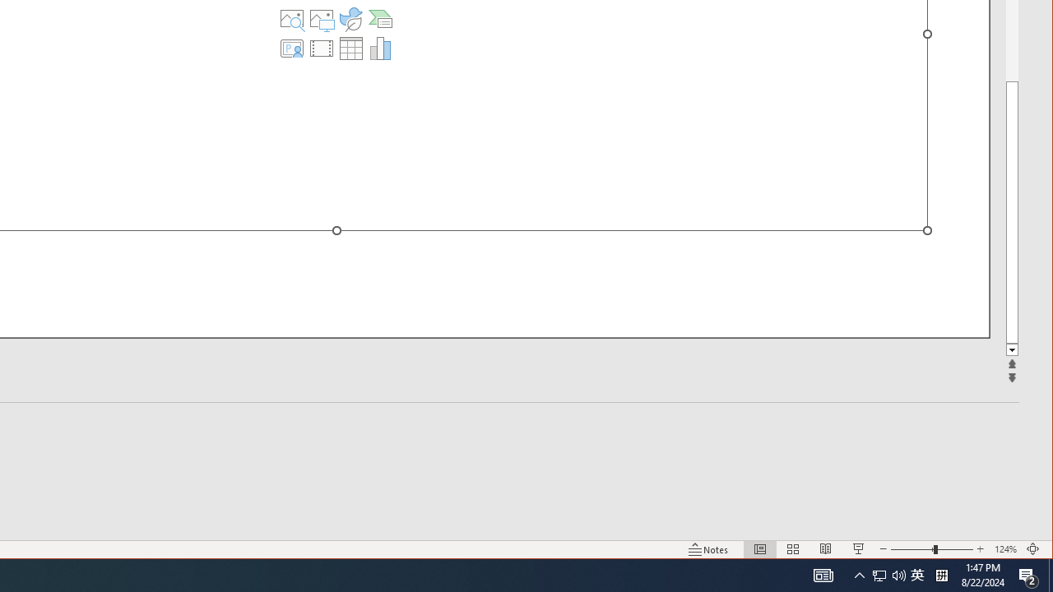  Describe the element at coordinates (379, 19) in the screenshot. I see `'Insert a SmartArt Graphic'` at that location.